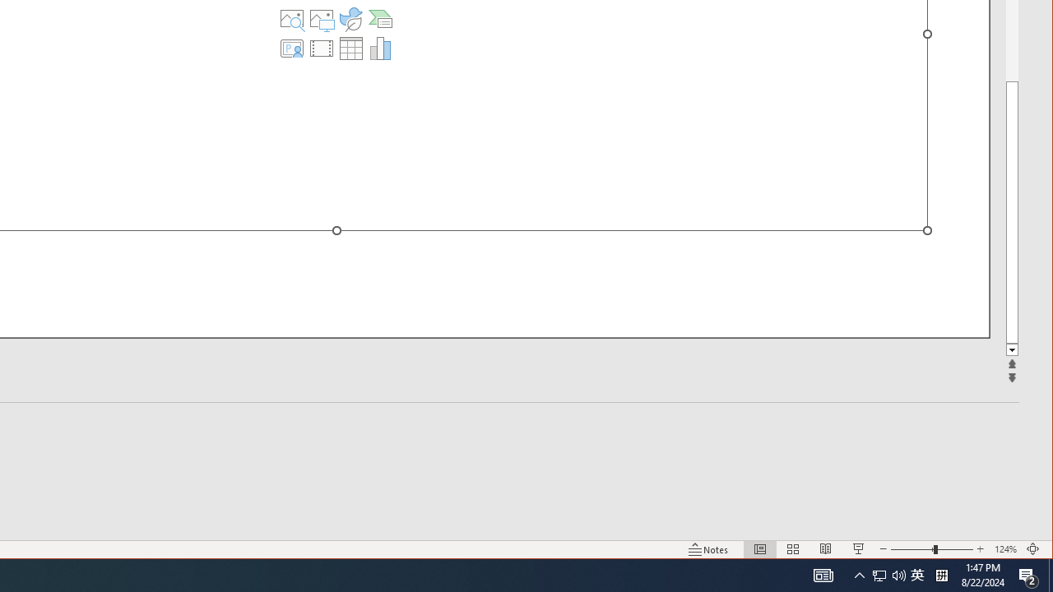  Describe the element at coordinates (379, 19) in the screenshot. I see `'Insert a SmartArt Graphic'` at that location.